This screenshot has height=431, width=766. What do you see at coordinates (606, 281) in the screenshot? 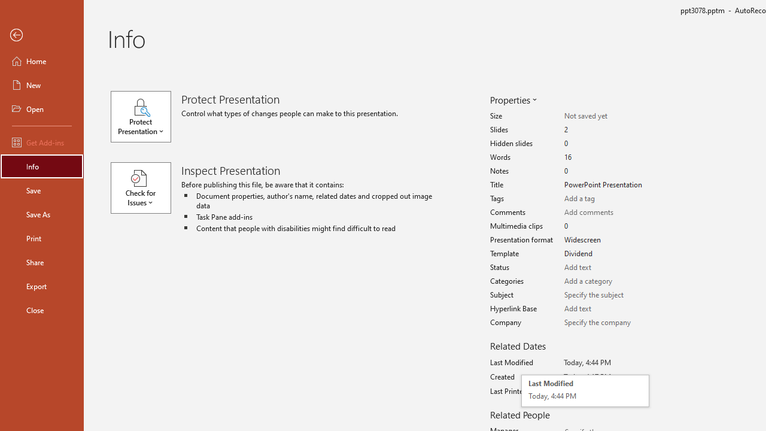
I see `'Categories'` at bounding box center [606, 281].